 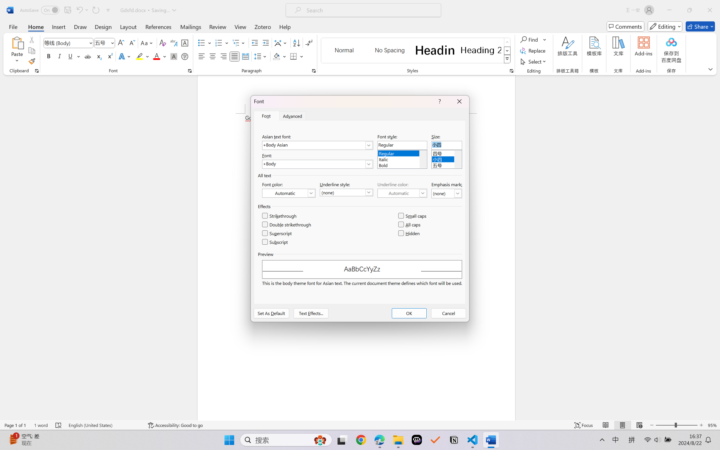 I want to click on 'Font Color', so click(x=159, y=56).